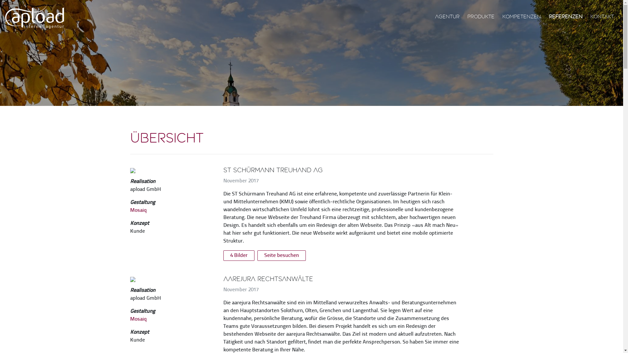 This screenshot has width=628, height=353. Describe the element at coordinates (281, 255) in the screenshot. I see `'Seite besuchen'` at that location.